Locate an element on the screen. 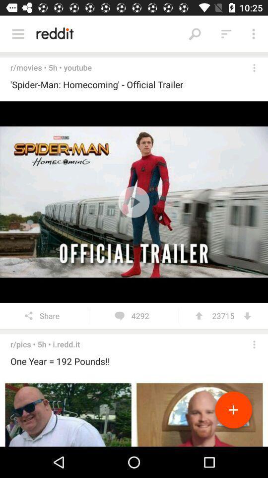 The width and height of the screenshot is (268, 478). photo is located at coordinates (233, 412).